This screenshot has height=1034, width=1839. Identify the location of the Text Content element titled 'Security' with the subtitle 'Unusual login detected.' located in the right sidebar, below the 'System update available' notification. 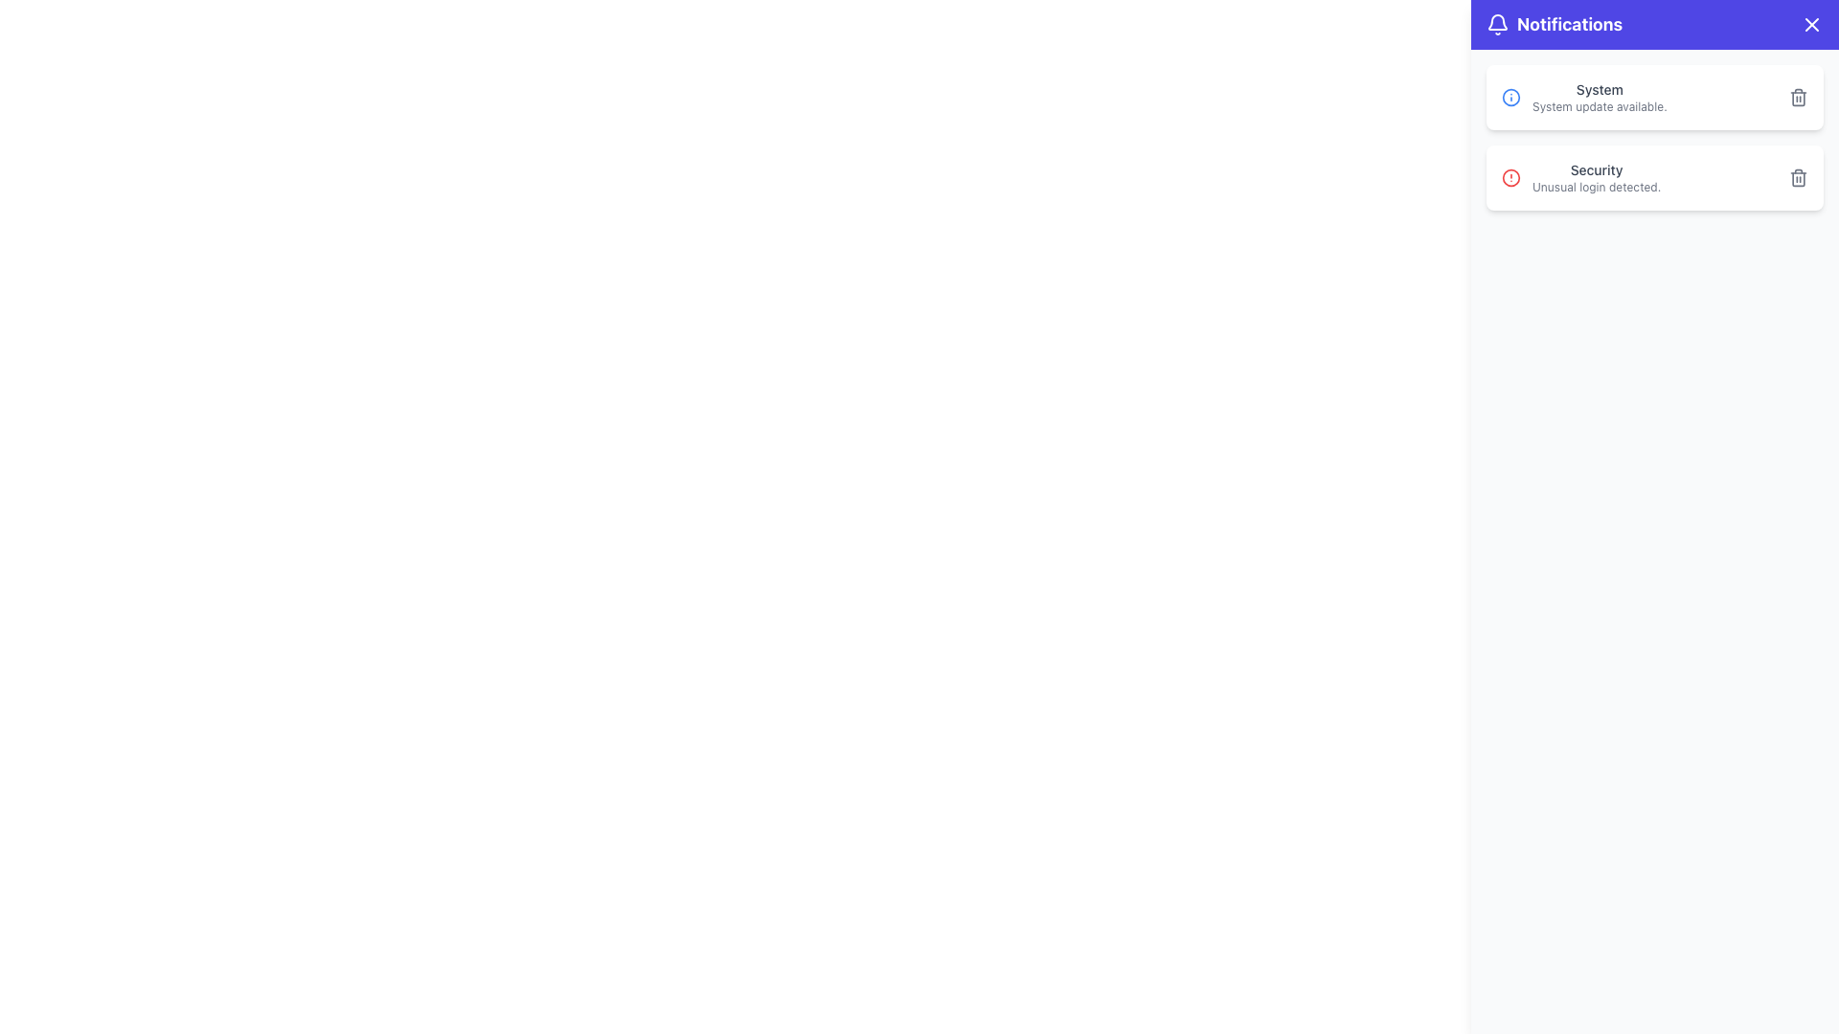
(1597, 177).